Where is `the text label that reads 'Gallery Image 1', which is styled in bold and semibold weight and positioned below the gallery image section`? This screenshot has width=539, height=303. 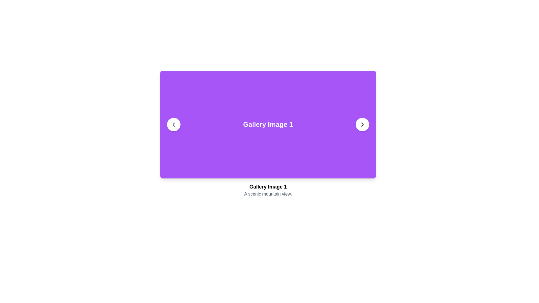 the text label that reads 'Gallery Image 1', which is styled in bold and semibold weight and positioned below the gallery image section is located at coordinates (268, 187).